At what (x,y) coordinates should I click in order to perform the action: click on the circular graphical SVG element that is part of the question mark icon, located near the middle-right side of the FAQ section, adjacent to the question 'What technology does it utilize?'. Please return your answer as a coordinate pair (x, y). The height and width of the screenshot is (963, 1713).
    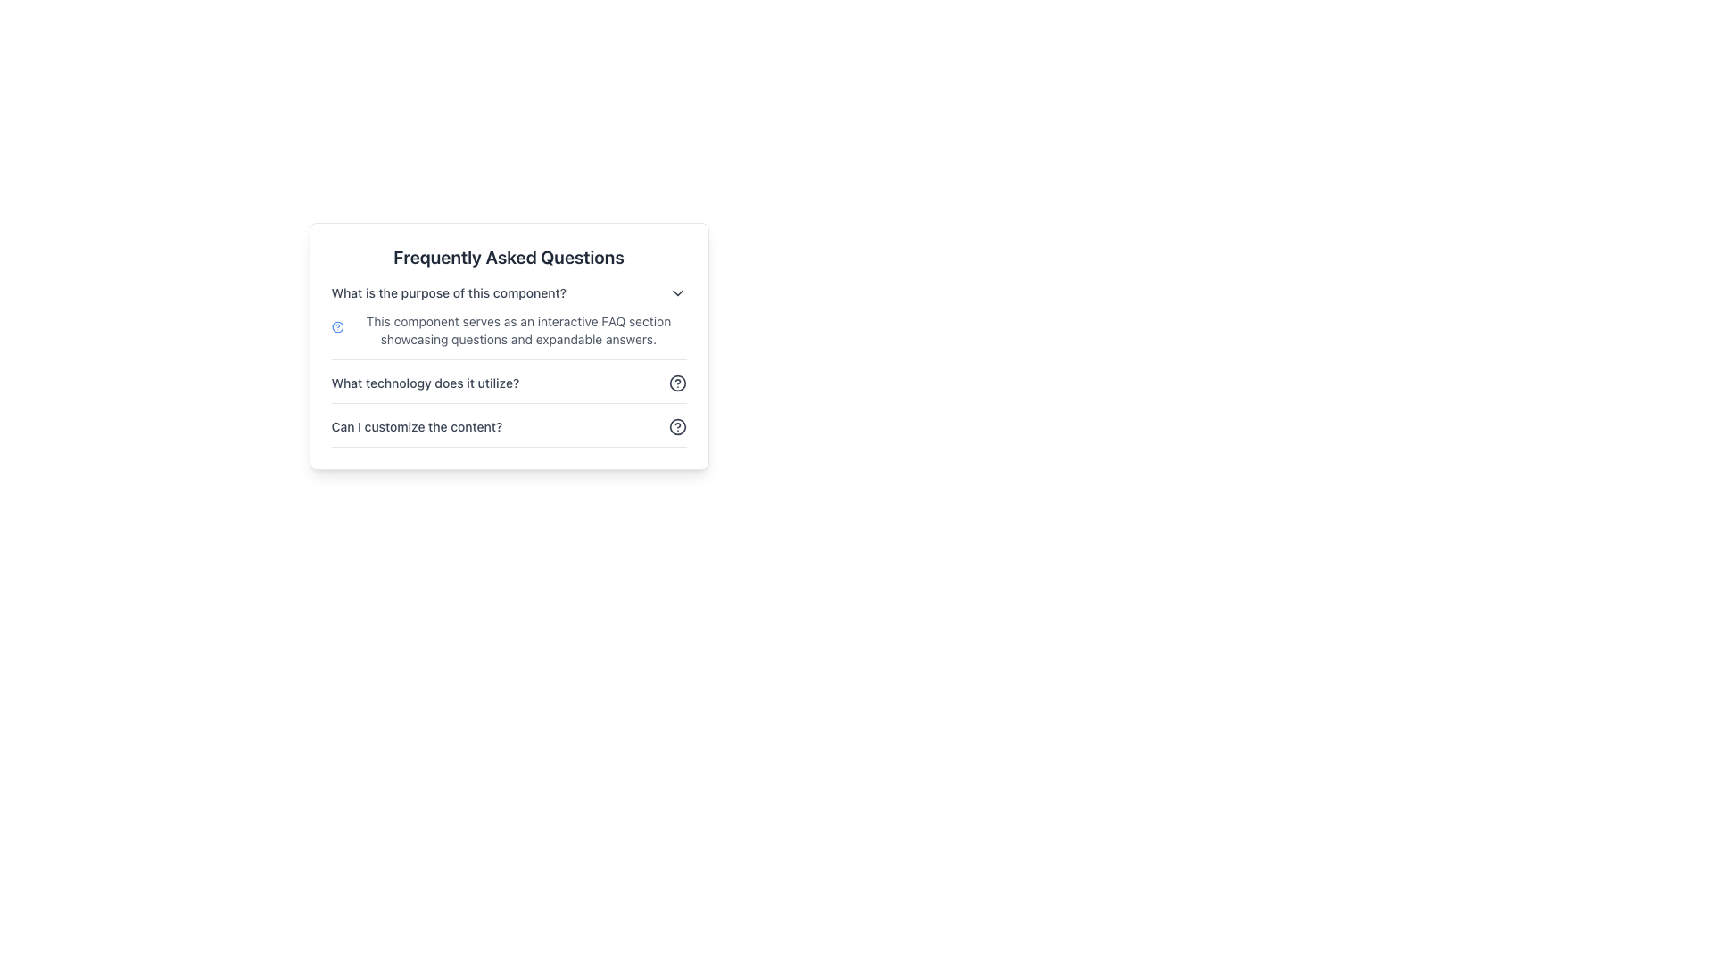
    Looking at the image, I should click on (676, 382).